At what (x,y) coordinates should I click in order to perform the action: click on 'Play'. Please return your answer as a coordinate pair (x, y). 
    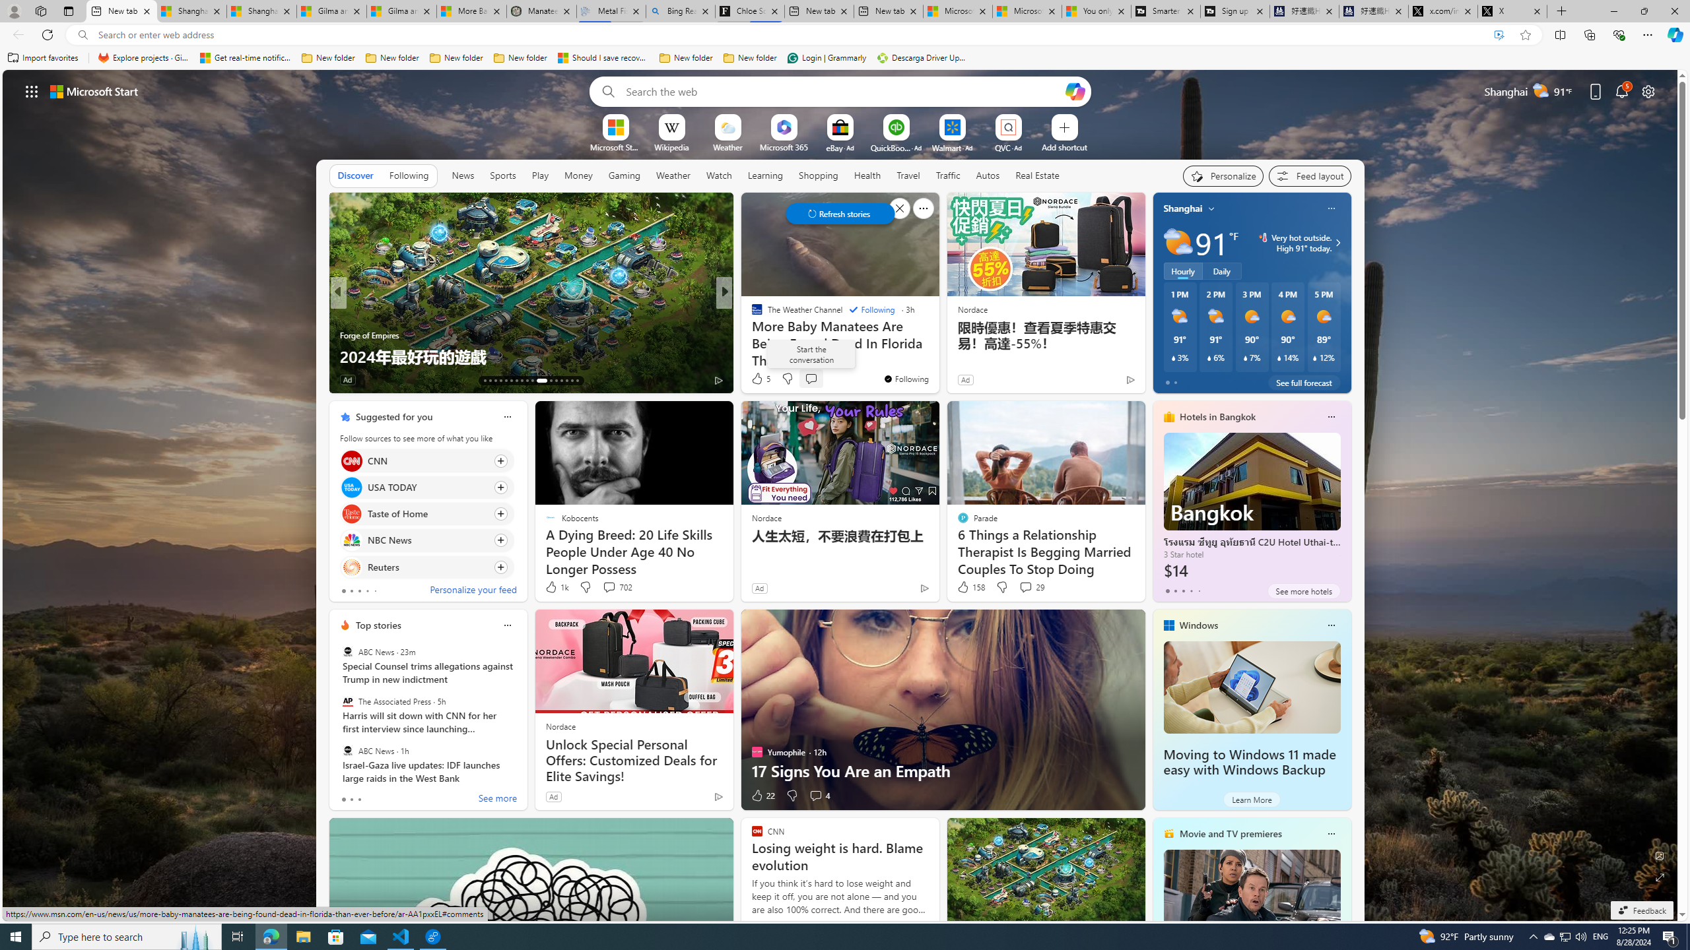
    Looking at the image, I should click on (539, 174).